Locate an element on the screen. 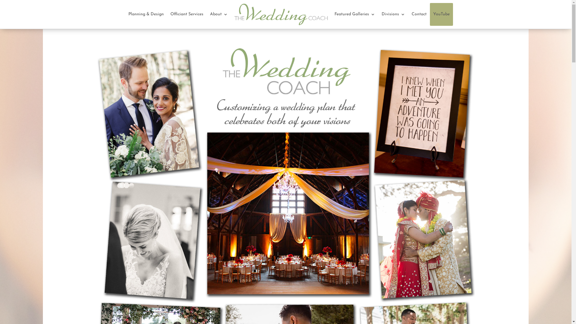 The height and width of the screenshot is (324, 576). 'YouTube' is located at coordinates (441, 14).